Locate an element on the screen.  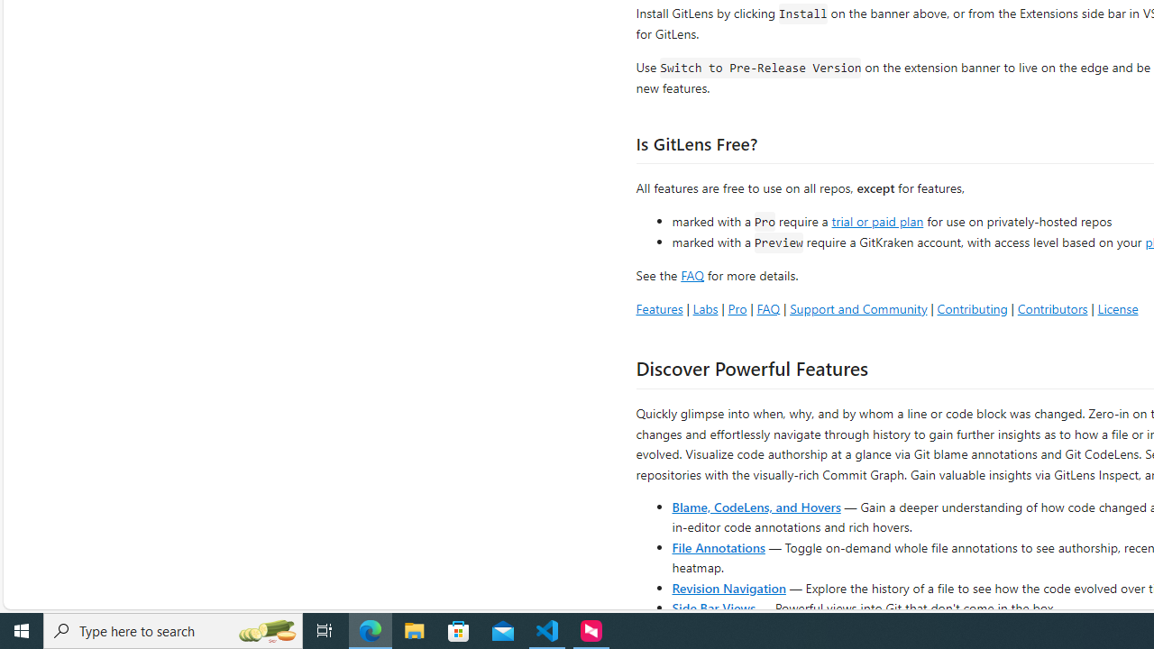
'License' is located at coordinates (1117, 307).